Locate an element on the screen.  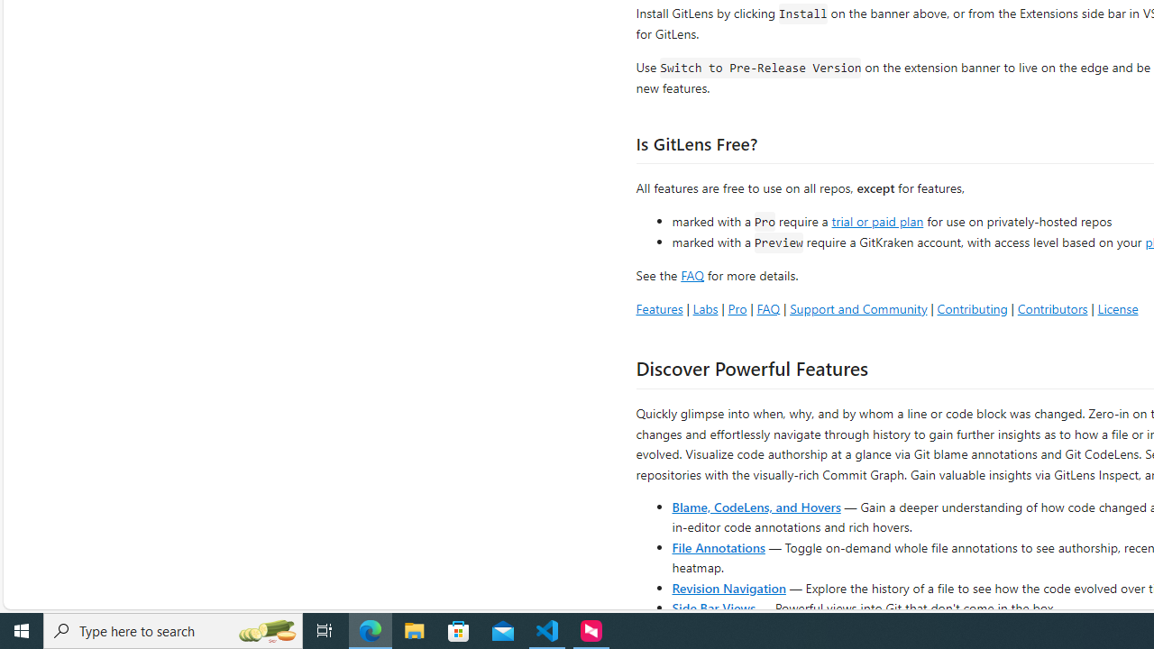
'License' is located at coordinates (1117, 307).